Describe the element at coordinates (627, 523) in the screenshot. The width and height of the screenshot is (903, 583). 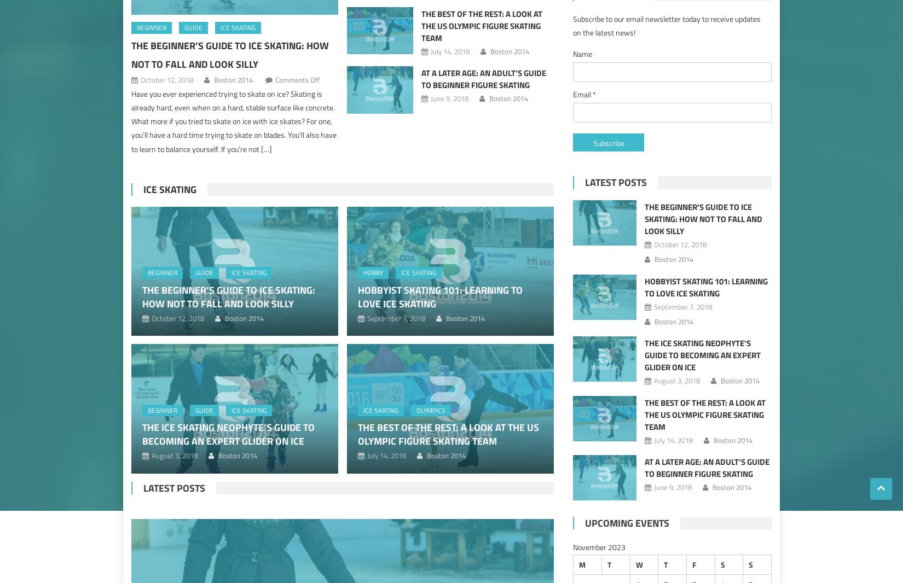
I see `'Upcoming Events'` at that location.